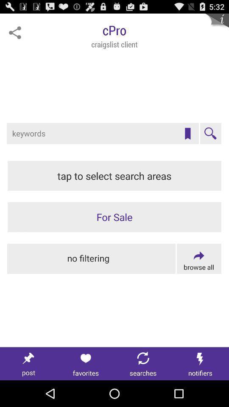 This screenshot has height=407, width=229. I want to click on input text, so click(103, 134).